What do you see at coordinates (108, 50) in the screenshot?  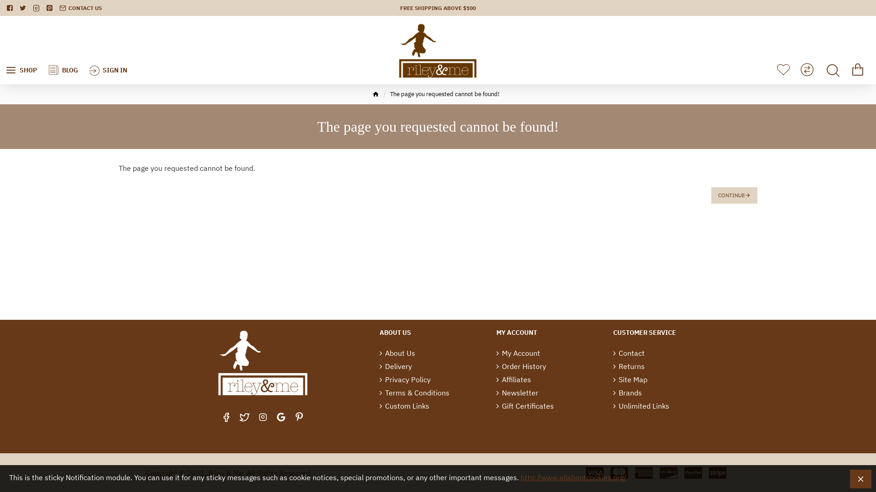 I see `'SIGN IN'` at bounding box center [108, 50].